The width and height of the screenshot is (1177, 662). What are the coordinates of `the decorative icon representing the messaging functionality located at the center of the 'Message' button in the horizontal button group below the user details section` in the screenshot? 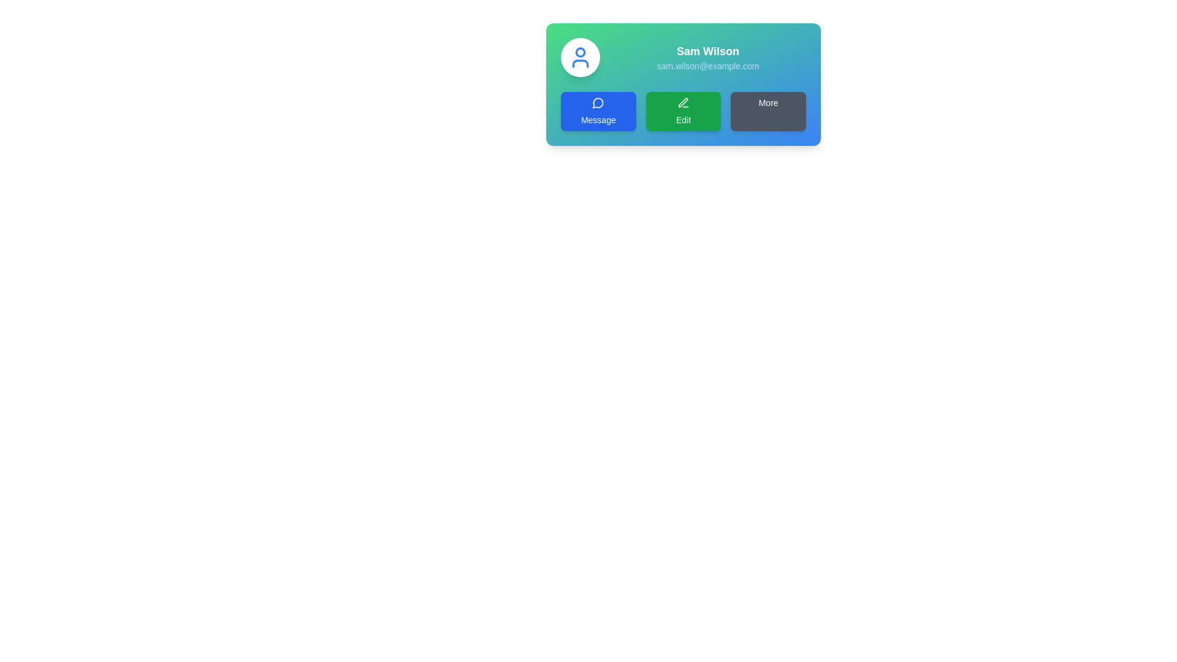 It's located at (598, 102).